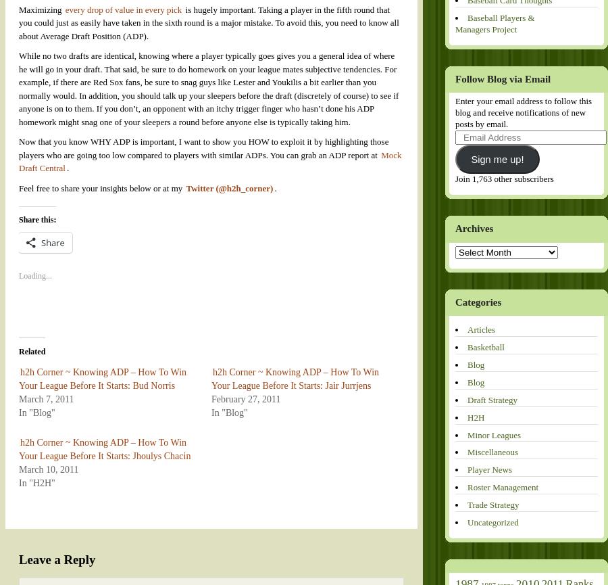 The image size is (608, 585). What do you see at coordinates (492, 521) in the screenshot?
I see `'Uncategorized'` at bounding box center [492, 521].